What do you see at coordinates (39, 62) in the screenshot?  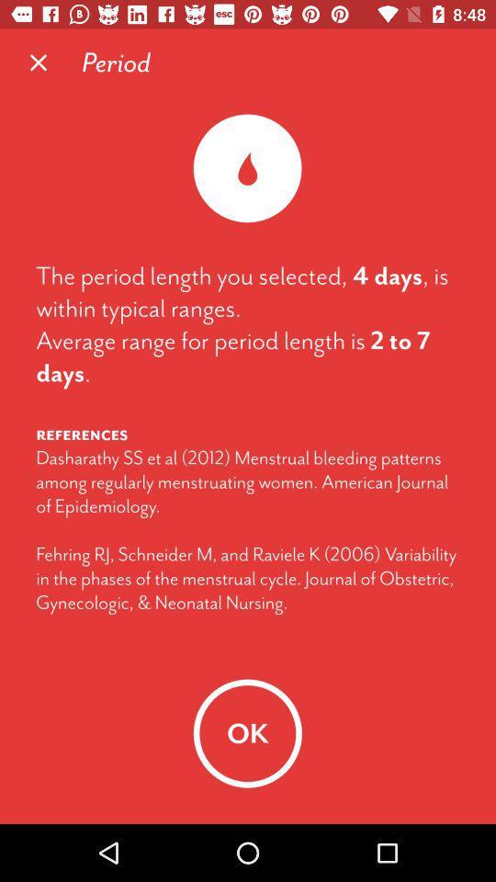 I see `the icon above the period length item` at bounding box center [39, 62].